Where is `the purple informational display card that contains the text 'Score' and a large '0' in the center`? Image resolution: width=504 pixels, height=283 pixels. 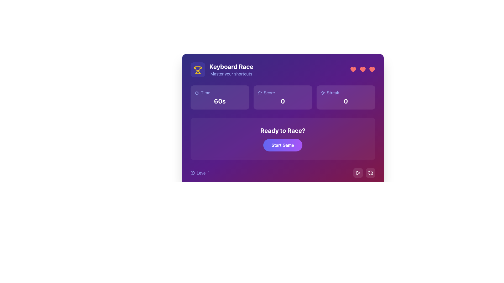 the purple informational display card that contains the text 'Score' and a large '0' in the center is located at coordinates (282, 97).